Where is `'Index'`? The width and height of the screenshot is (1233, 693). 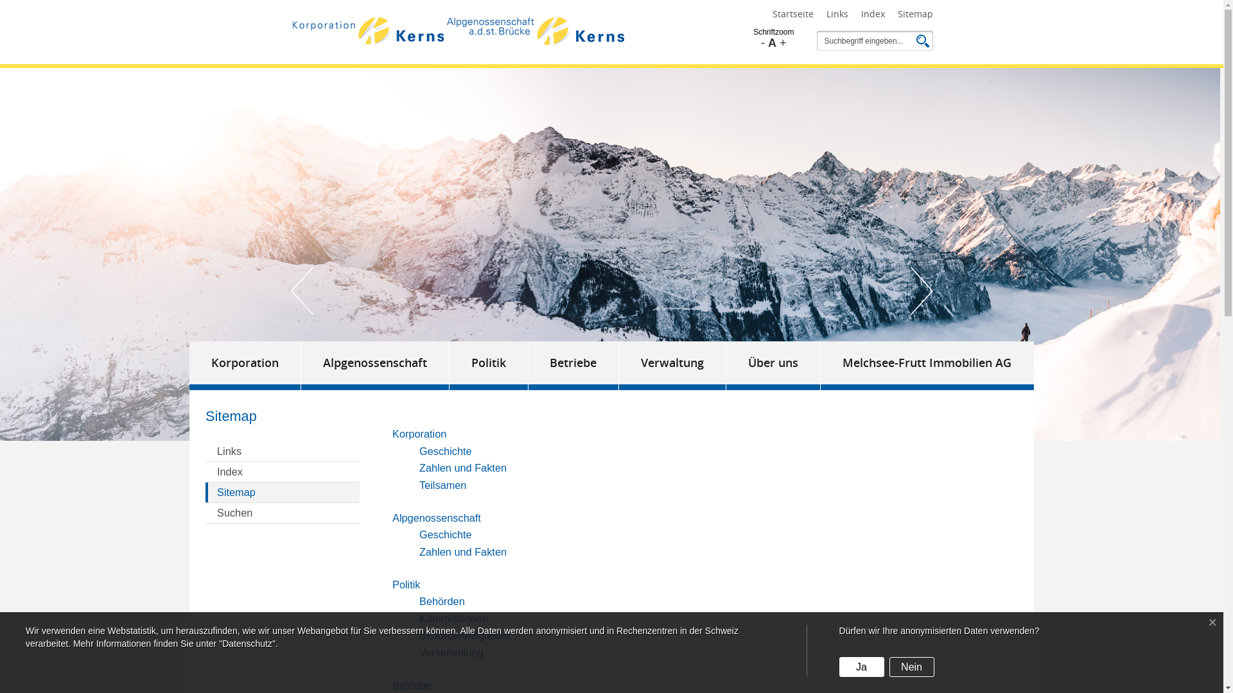
'Index' is located at coordinates (872, 15).